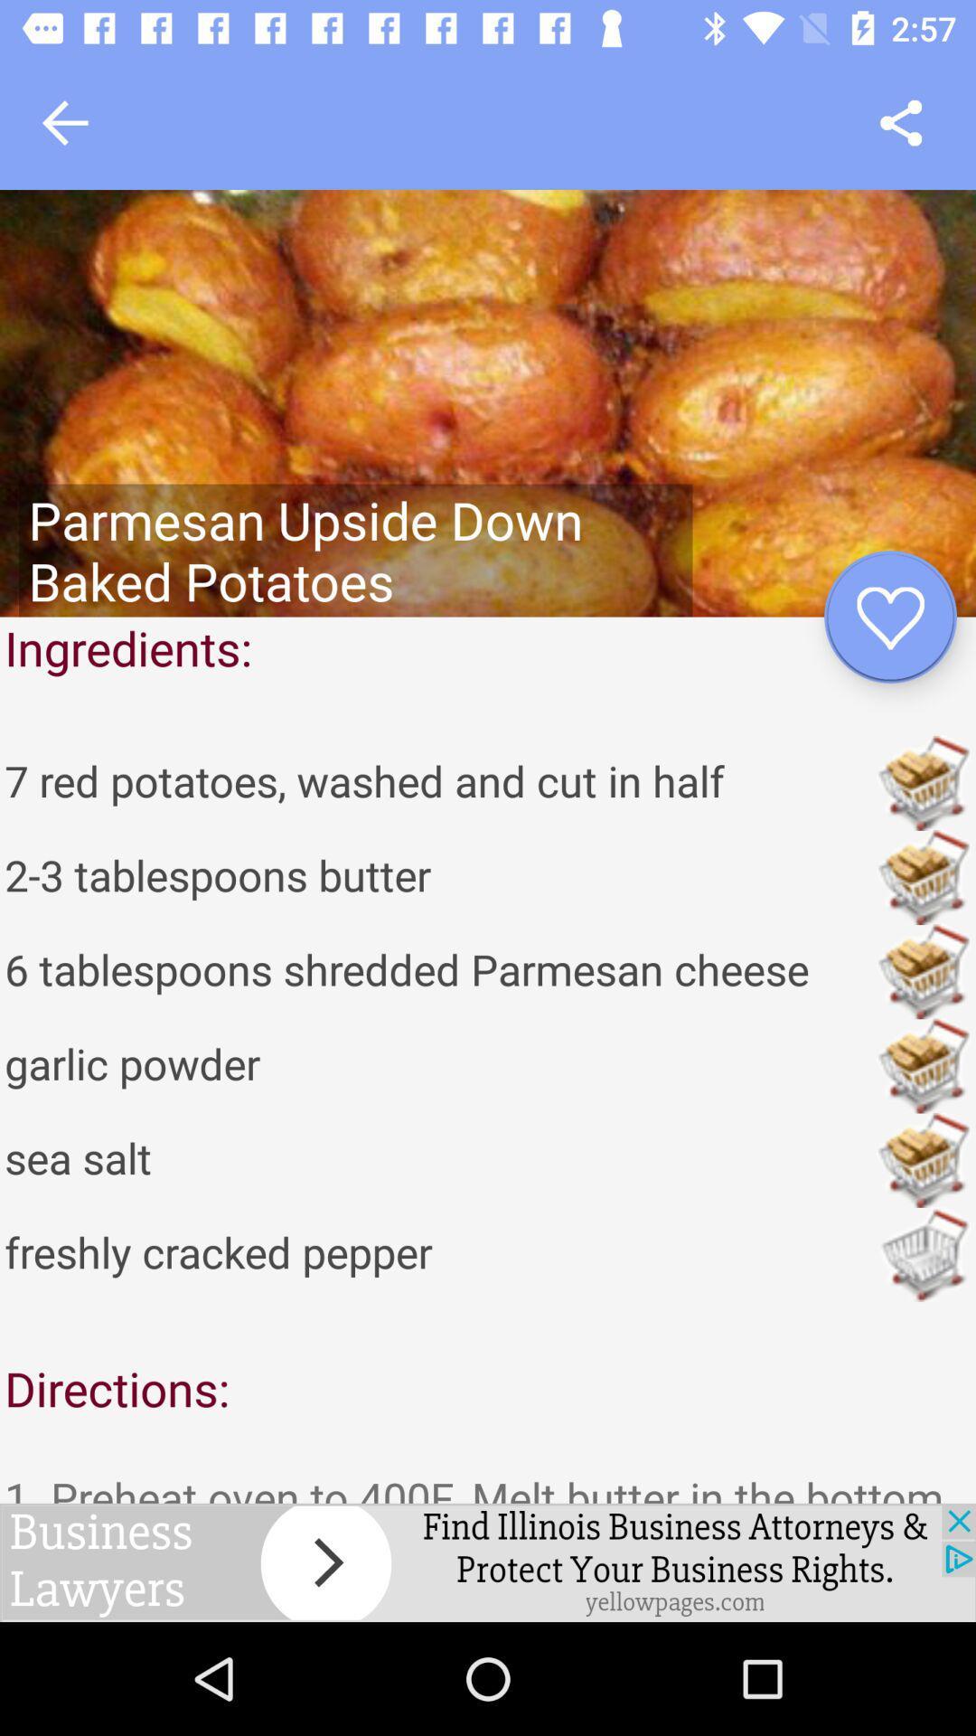 The image size is (976, 1736). Describe the element at coordinates (901, 122) in the screenshot. I see `share page` at that location.